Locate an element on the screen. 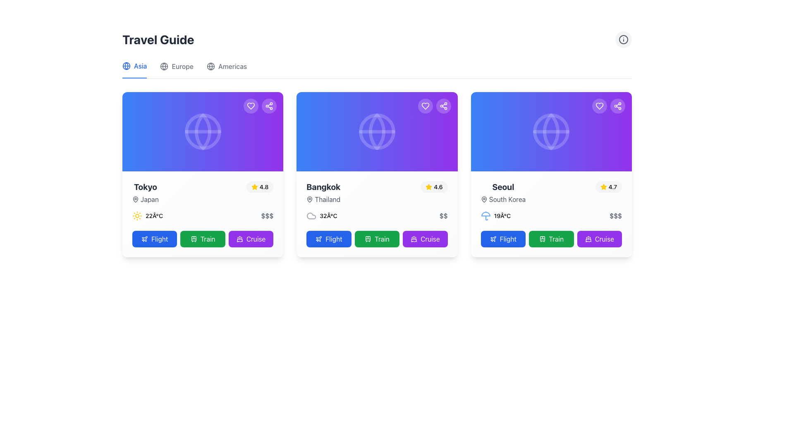 The image size is (794, 446). temperature value displayed as '32°C' in the Temperature Display with Weather Icon located in the Bangkok card, beneath the city name and country information is located at coordinates (321, 216).